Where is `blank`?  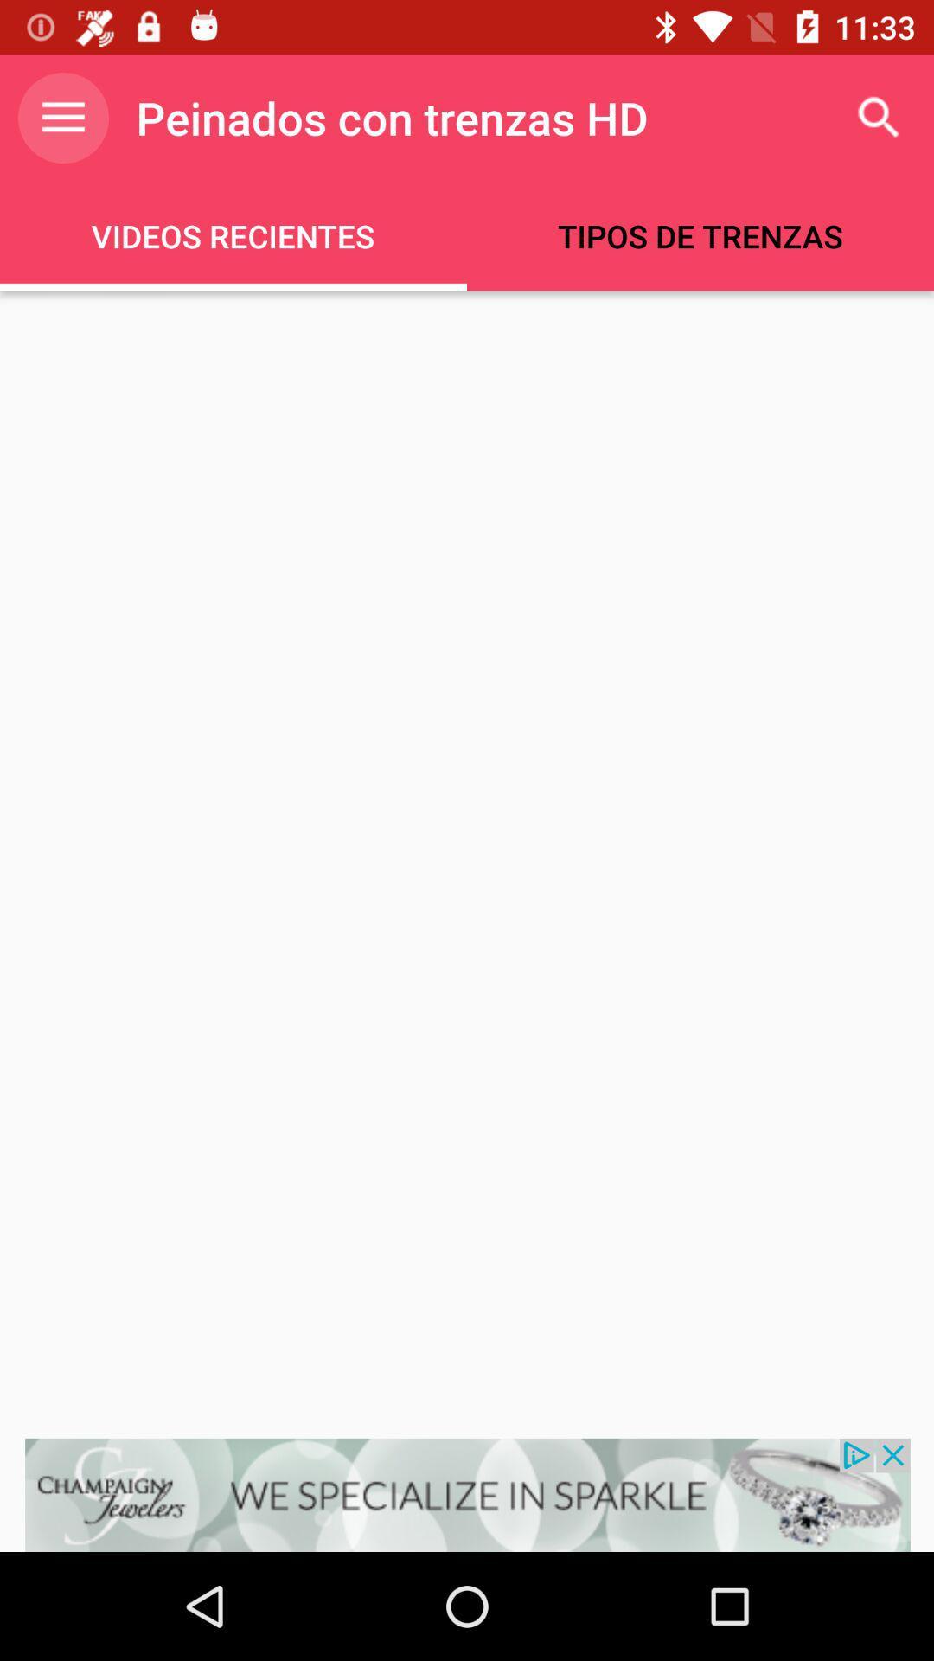
blank is located at coordinates (467, 864).